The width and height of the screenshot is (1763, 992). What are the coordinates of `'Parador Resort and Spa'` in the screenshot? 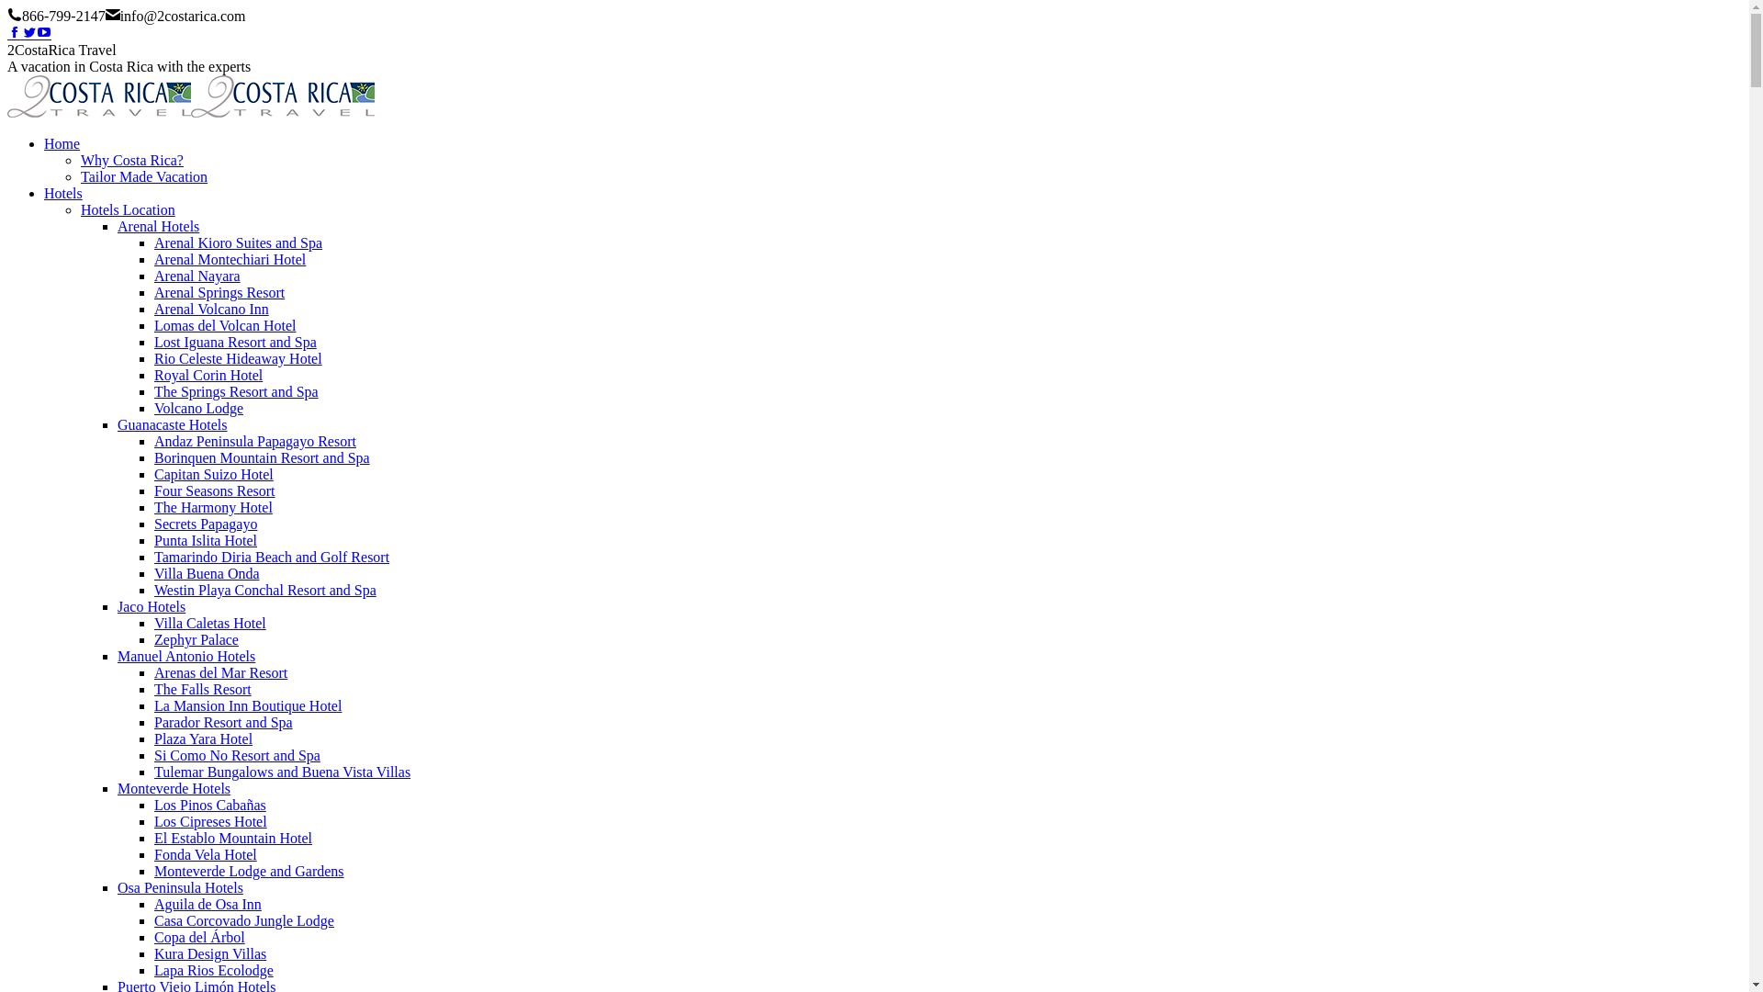 It's located at (154, 721).